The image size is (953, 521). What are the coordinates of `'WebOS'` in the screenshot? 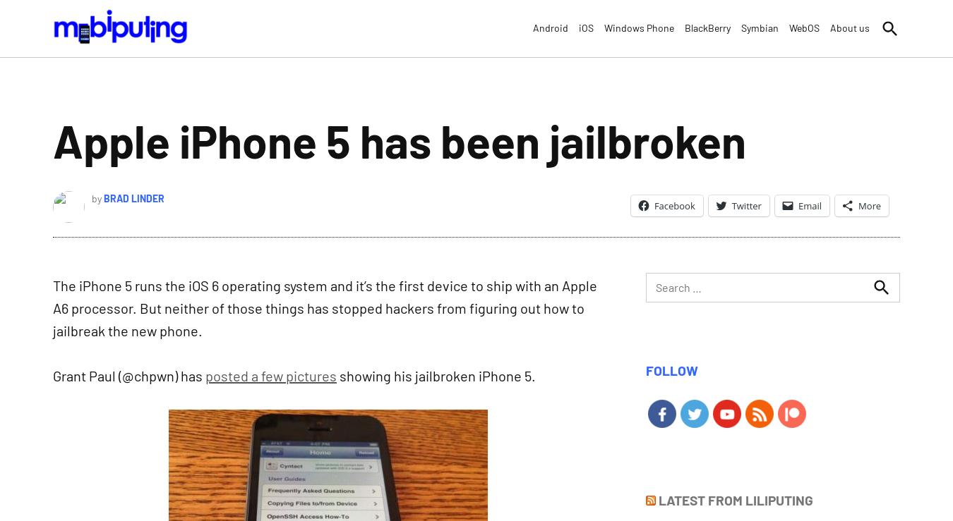 It's located at (789, 27).